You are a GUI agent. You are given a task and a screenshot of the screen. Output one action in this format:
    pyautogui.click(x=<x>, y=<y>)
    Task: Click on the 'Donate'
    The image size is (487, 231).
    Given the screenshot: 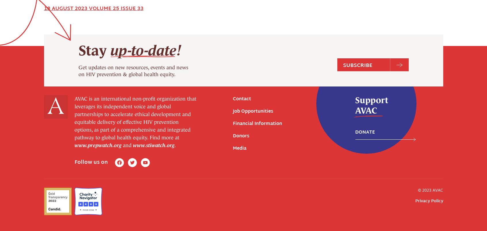 What is the action you would take?
    pyautogui.click(x=364, y=28)
    